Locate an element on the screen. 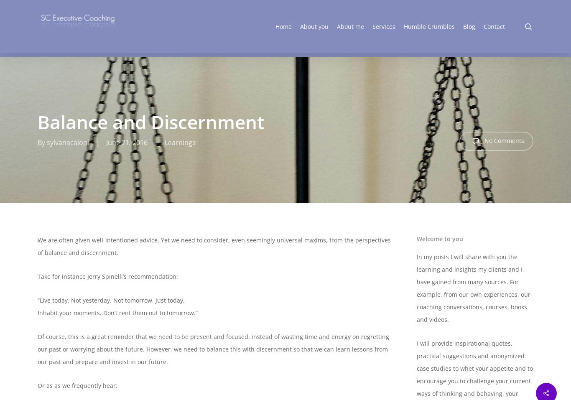  'Services' is located at coordinates (384, 28).